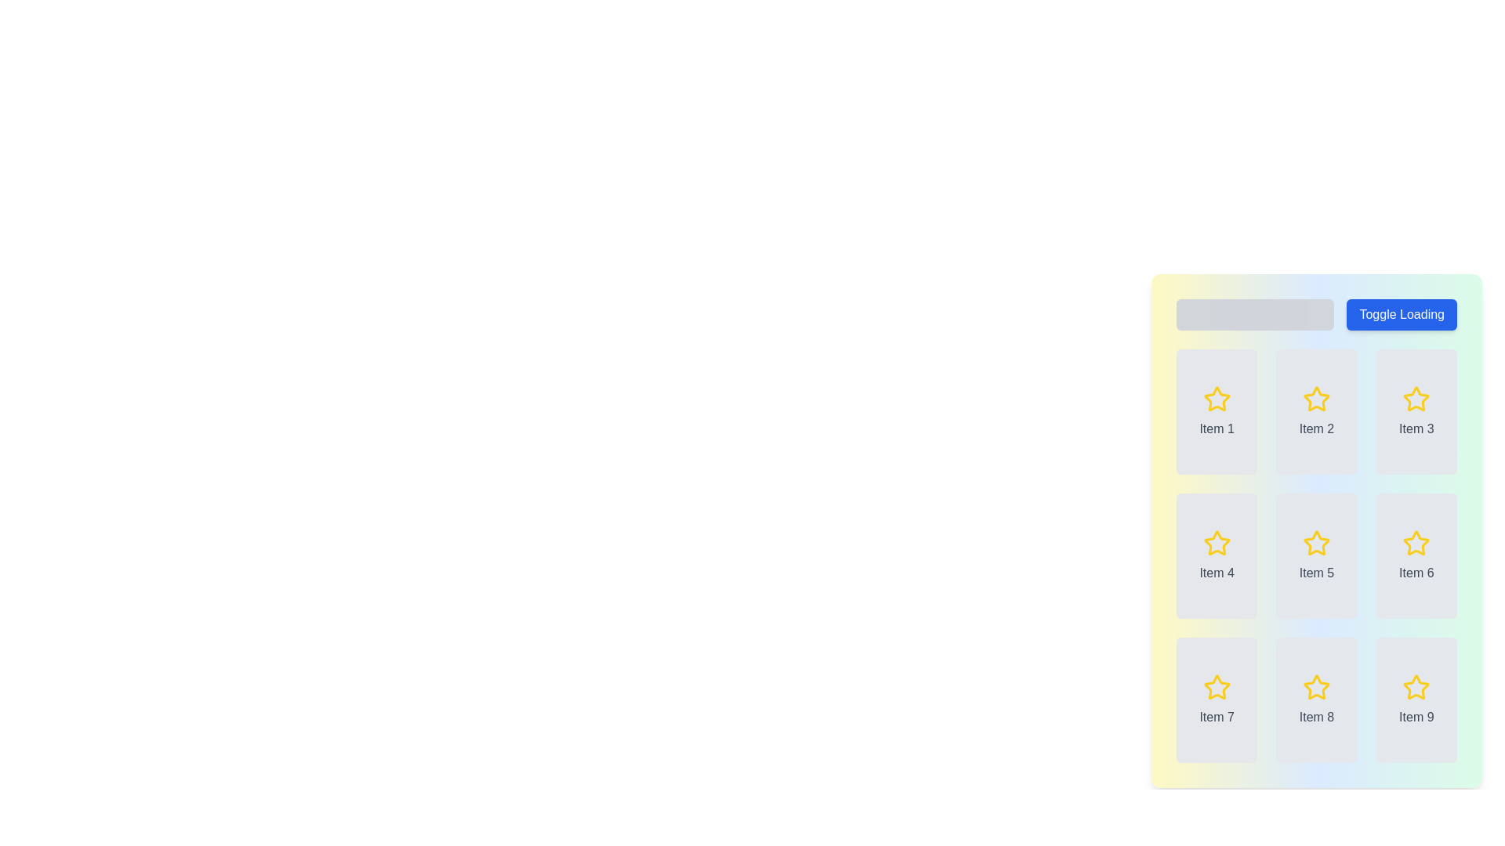 The image size is (1505, 846). What do you see at coordinates (1216, 686) in the screenshot?
I see `the star-shaped vector graphic icon located in the third row, first column of the grid layout` at bounding box center [1216, 686].